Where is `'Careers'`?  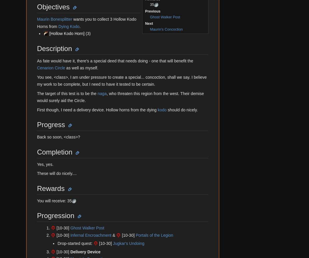 'Careers' is located at coordinates (31, 125).